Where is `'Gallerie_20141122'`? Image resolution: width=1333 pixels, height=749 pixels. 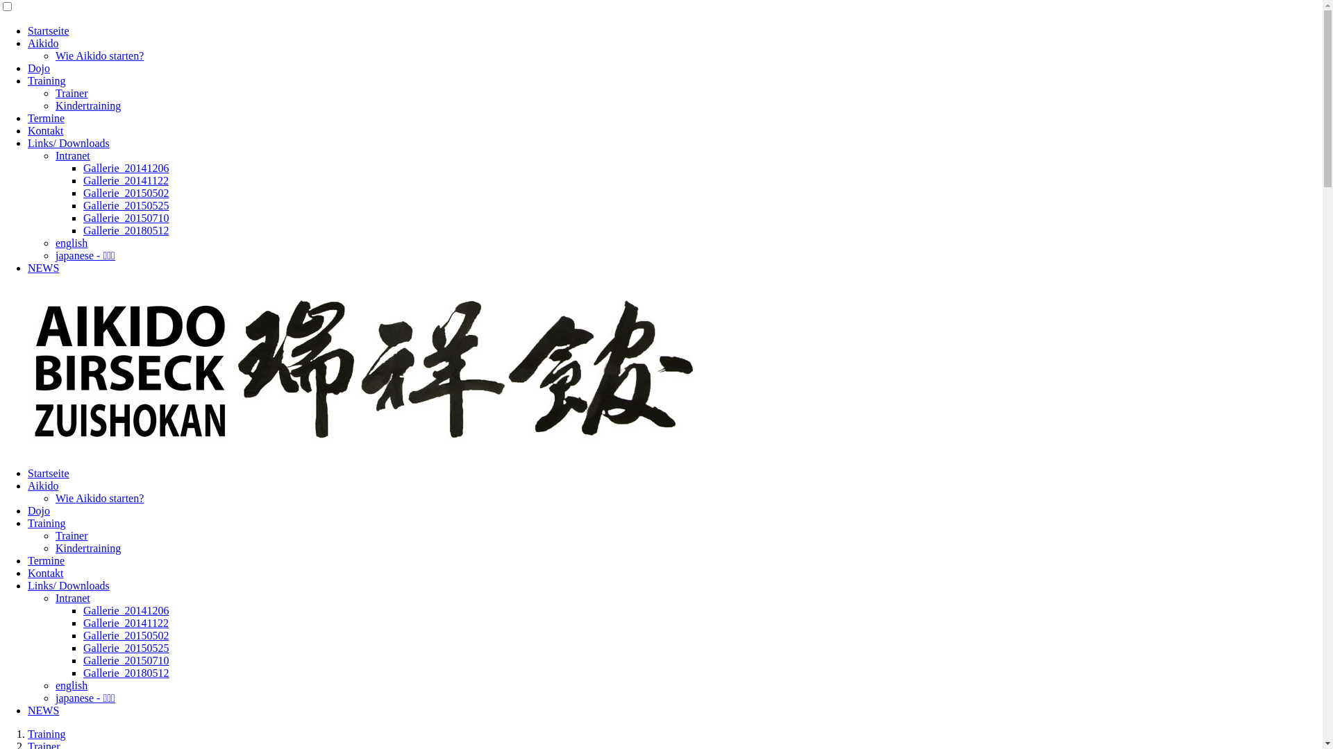 'Gallerie_20141122' is located at coordinates (126, 622).